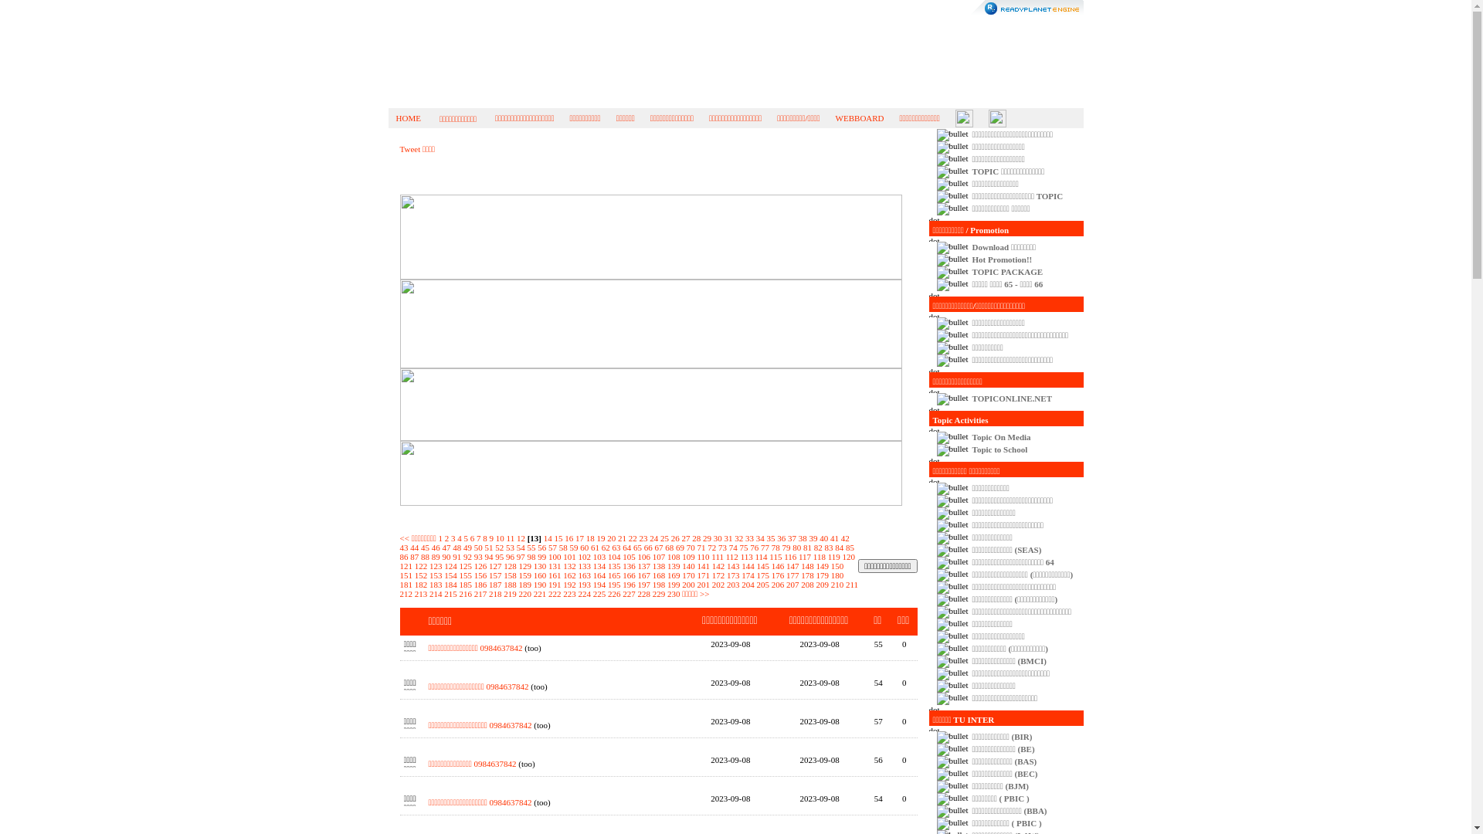  Describe the element at coordinates (615, 547) in the screenshot. I see `'63'` at that location.